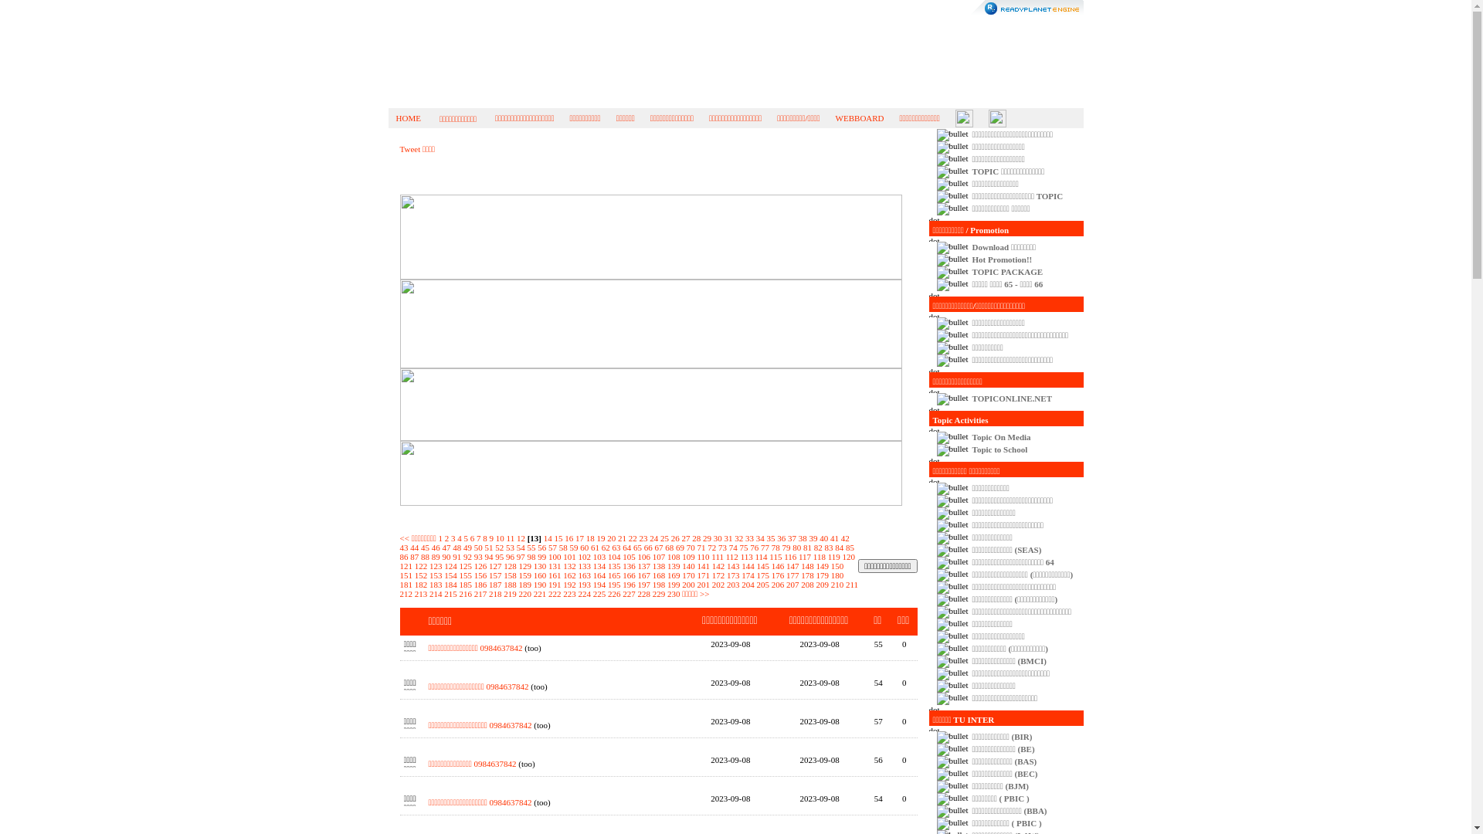  Describe the element at coordinates (615, 547) in the screenshot. I see `'63'` at that location.